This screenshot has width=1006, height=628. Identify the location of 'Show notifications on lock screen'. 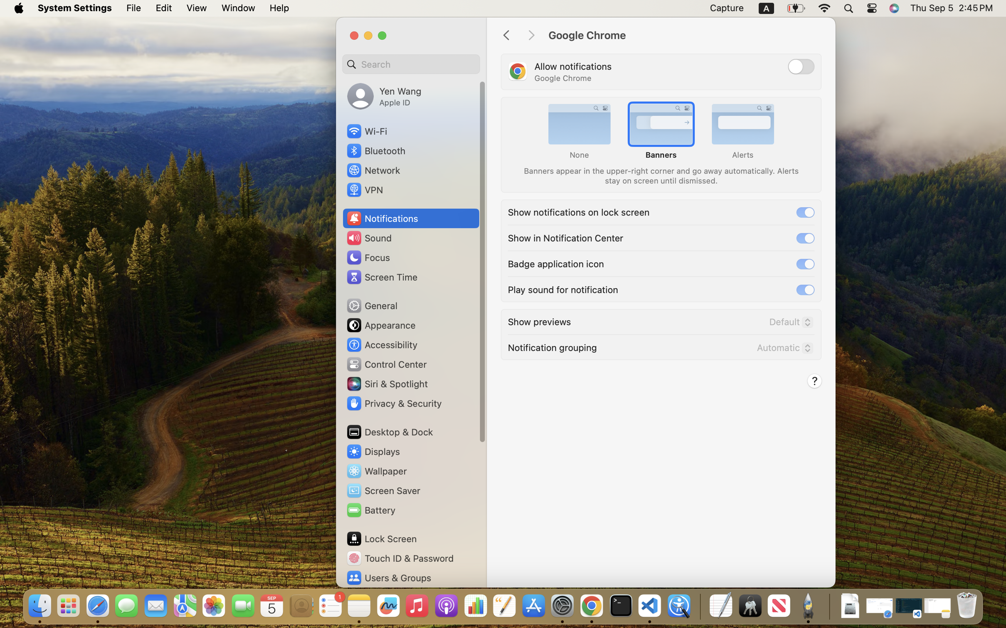
(578, 211).